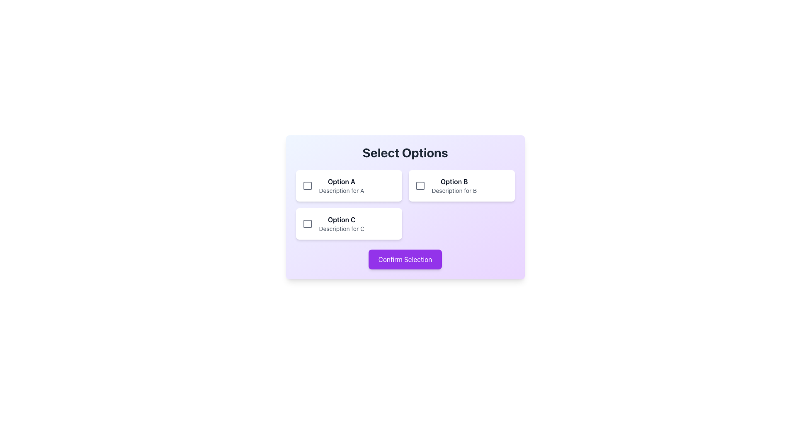 This screenshot has width=796, height=447. What do you see at coordinates (342, 223) in the screenshot?
I see `the informational display text located in the bottom-left corner of the selectable card interface, specifically the third card in the selection group` at bounding box center [342, 223].